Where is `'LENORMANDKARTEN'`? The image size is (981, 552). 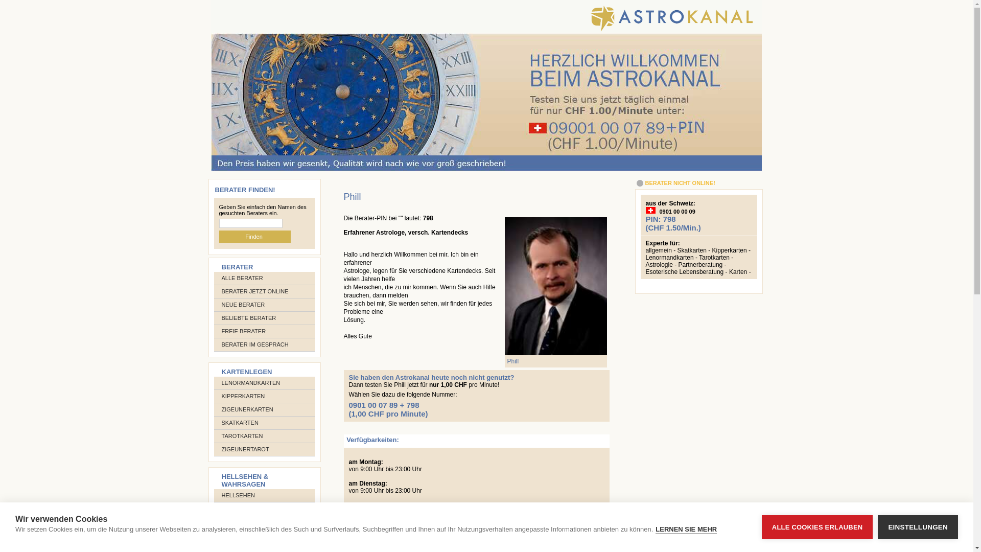 'LENORMANDKARTEN' is located at coordinates (251, 382).